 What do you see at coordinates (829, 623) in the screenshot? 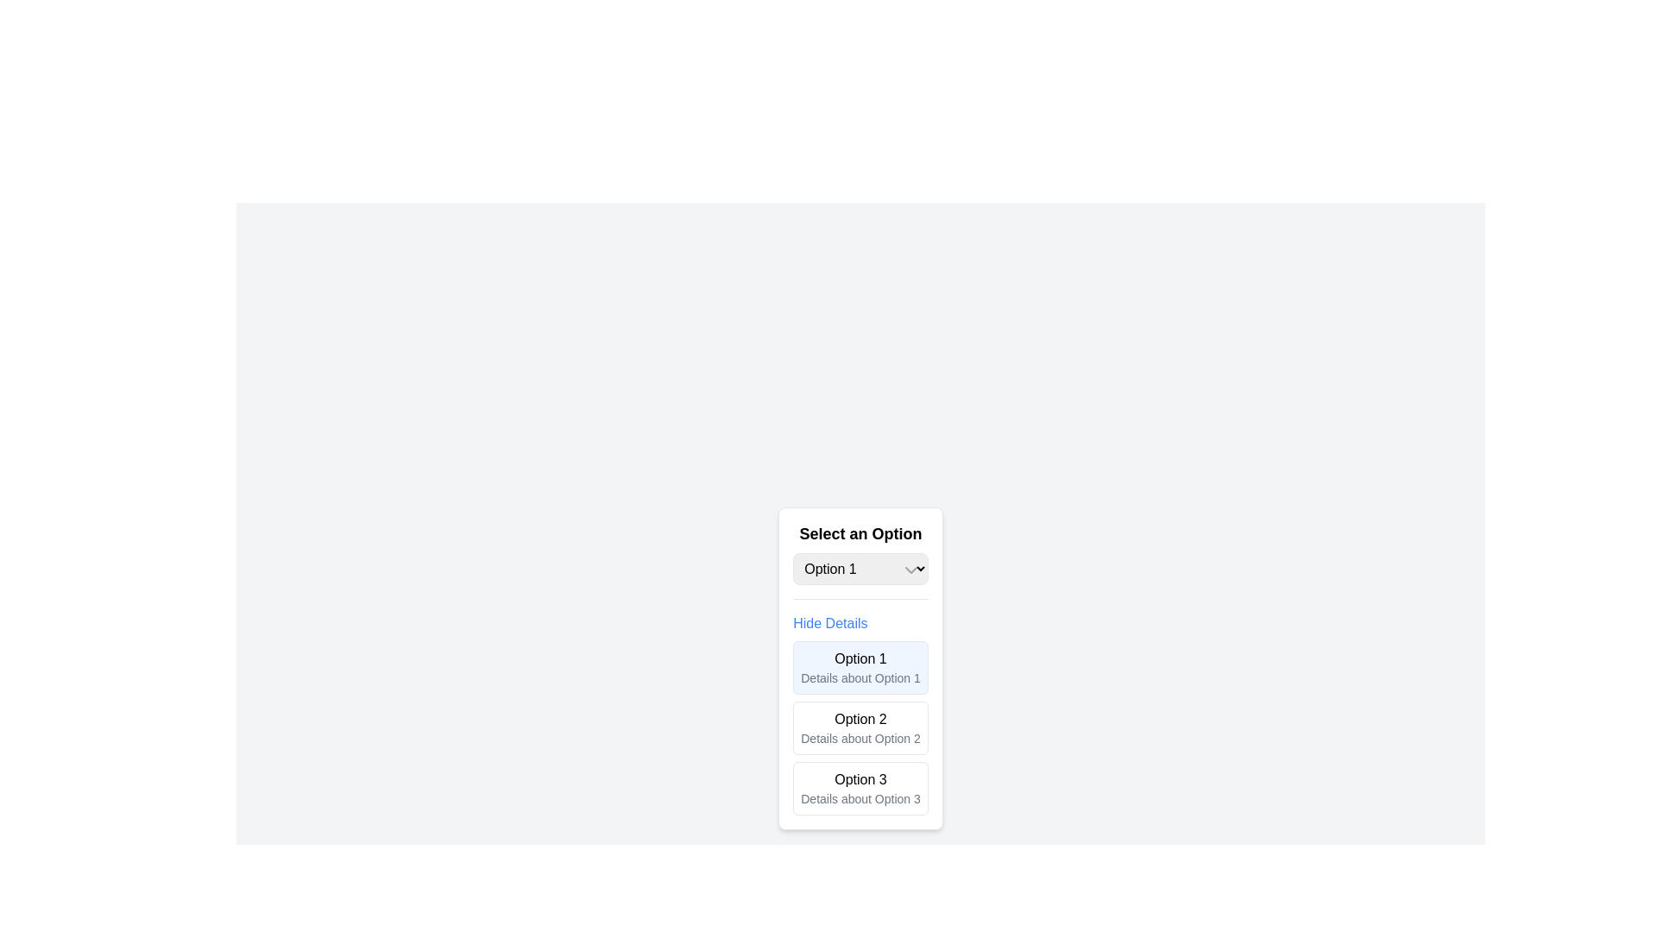
I see `the text link located at the top of the list of options, directly below the dropdown labeled 'Select an Option' to hide details` at bounding box center [829, 623].